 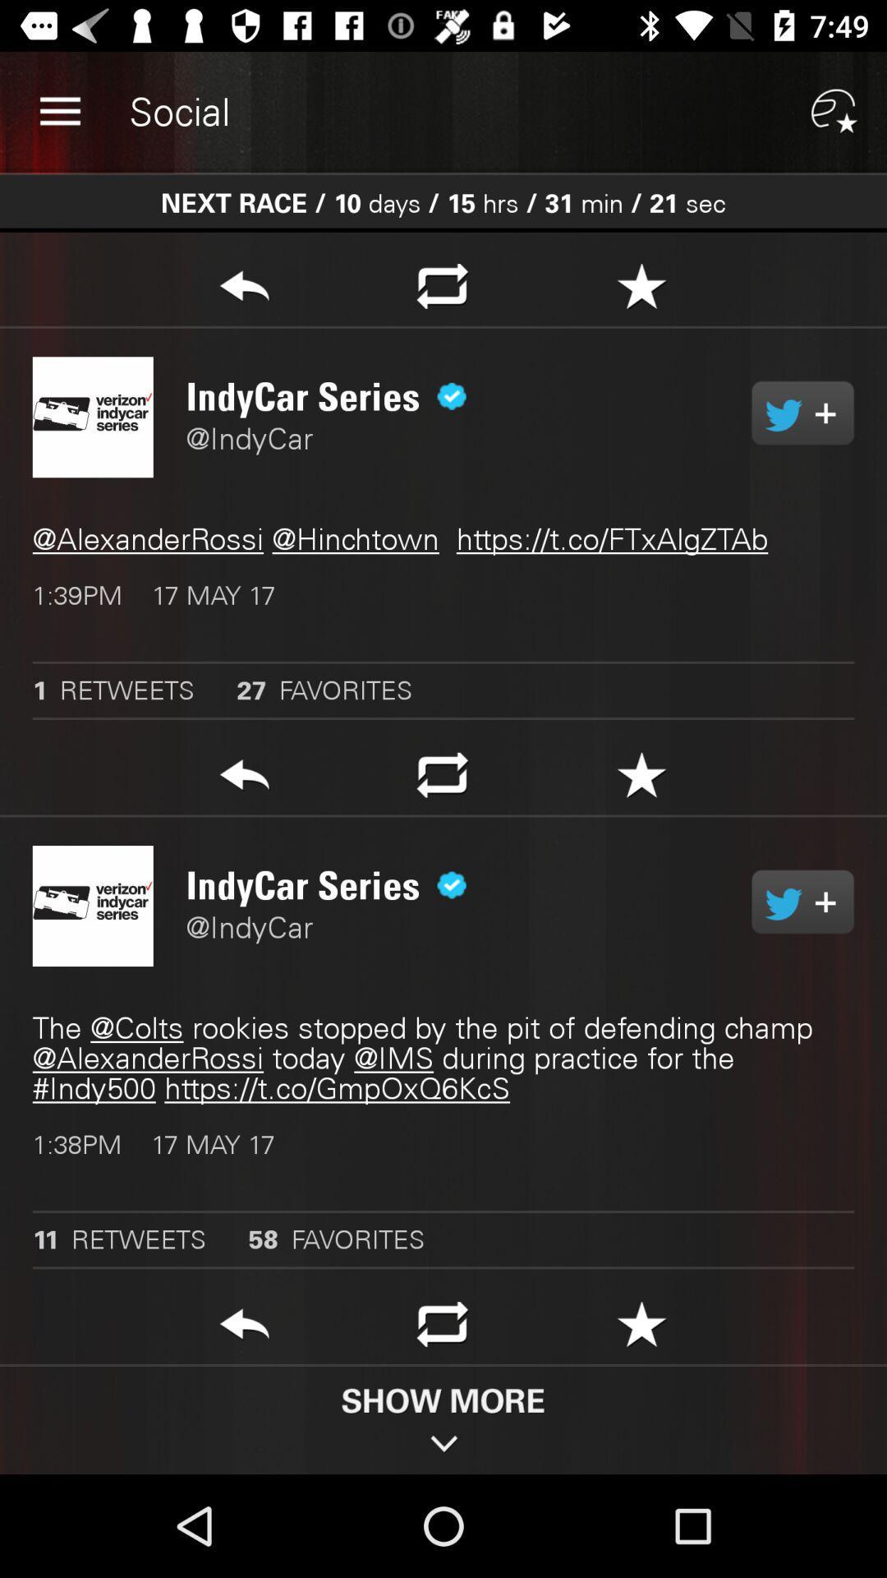 I want to click on twitter link, so click(x=802, y=901).